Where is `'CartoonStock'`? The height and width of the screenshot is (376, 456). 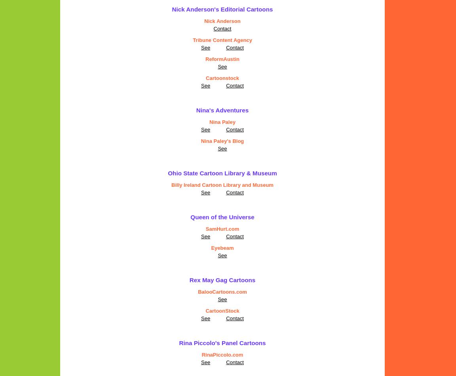
'CartoonStock' is located at coordinates (222, 310).